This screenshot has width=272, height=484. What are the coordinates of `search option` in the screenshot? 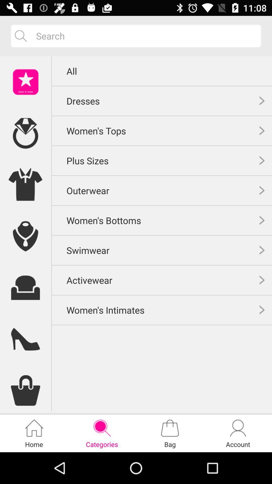 It's located at (145, 36).